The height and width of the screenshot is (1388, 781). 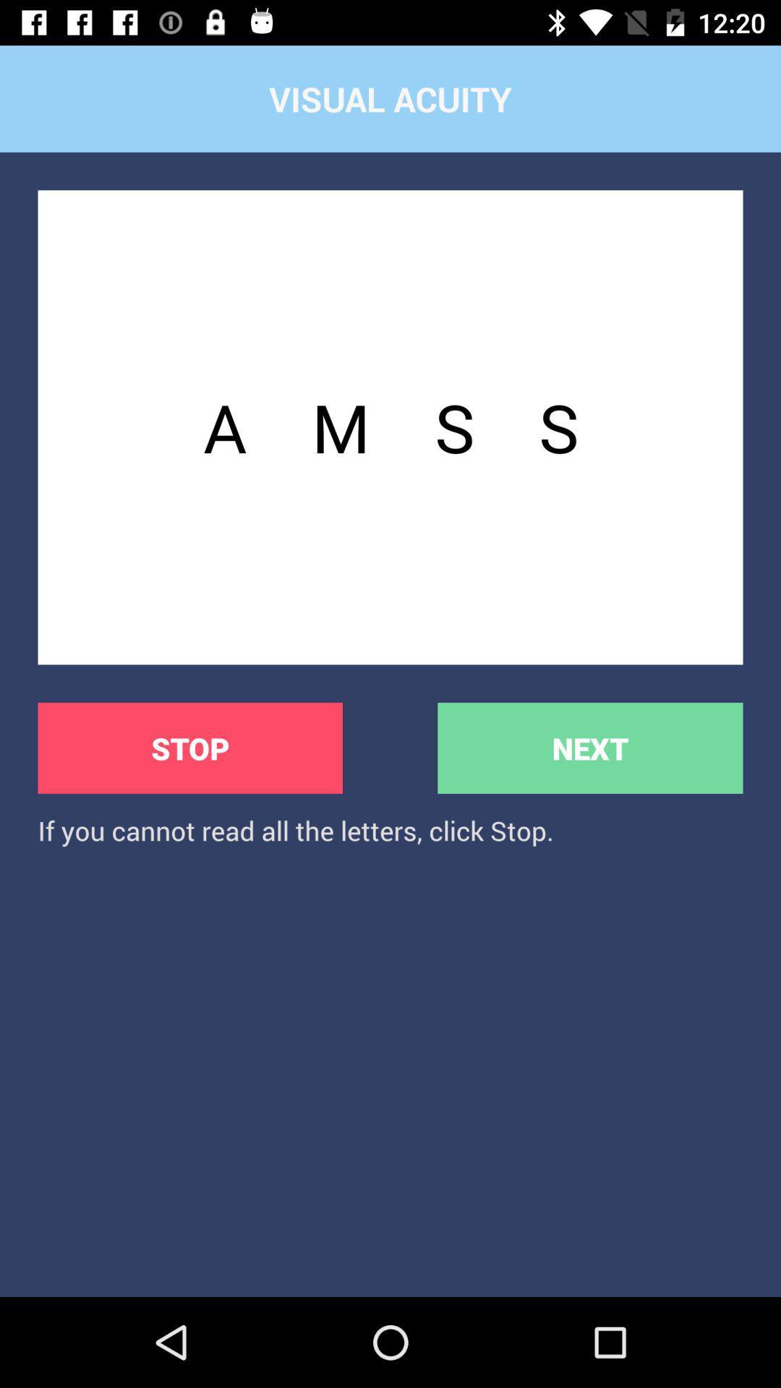 What do you see at coordinates (590, 748) in the screenshot?
I see `button to the right of stop item` at bounding box center [590, 748].